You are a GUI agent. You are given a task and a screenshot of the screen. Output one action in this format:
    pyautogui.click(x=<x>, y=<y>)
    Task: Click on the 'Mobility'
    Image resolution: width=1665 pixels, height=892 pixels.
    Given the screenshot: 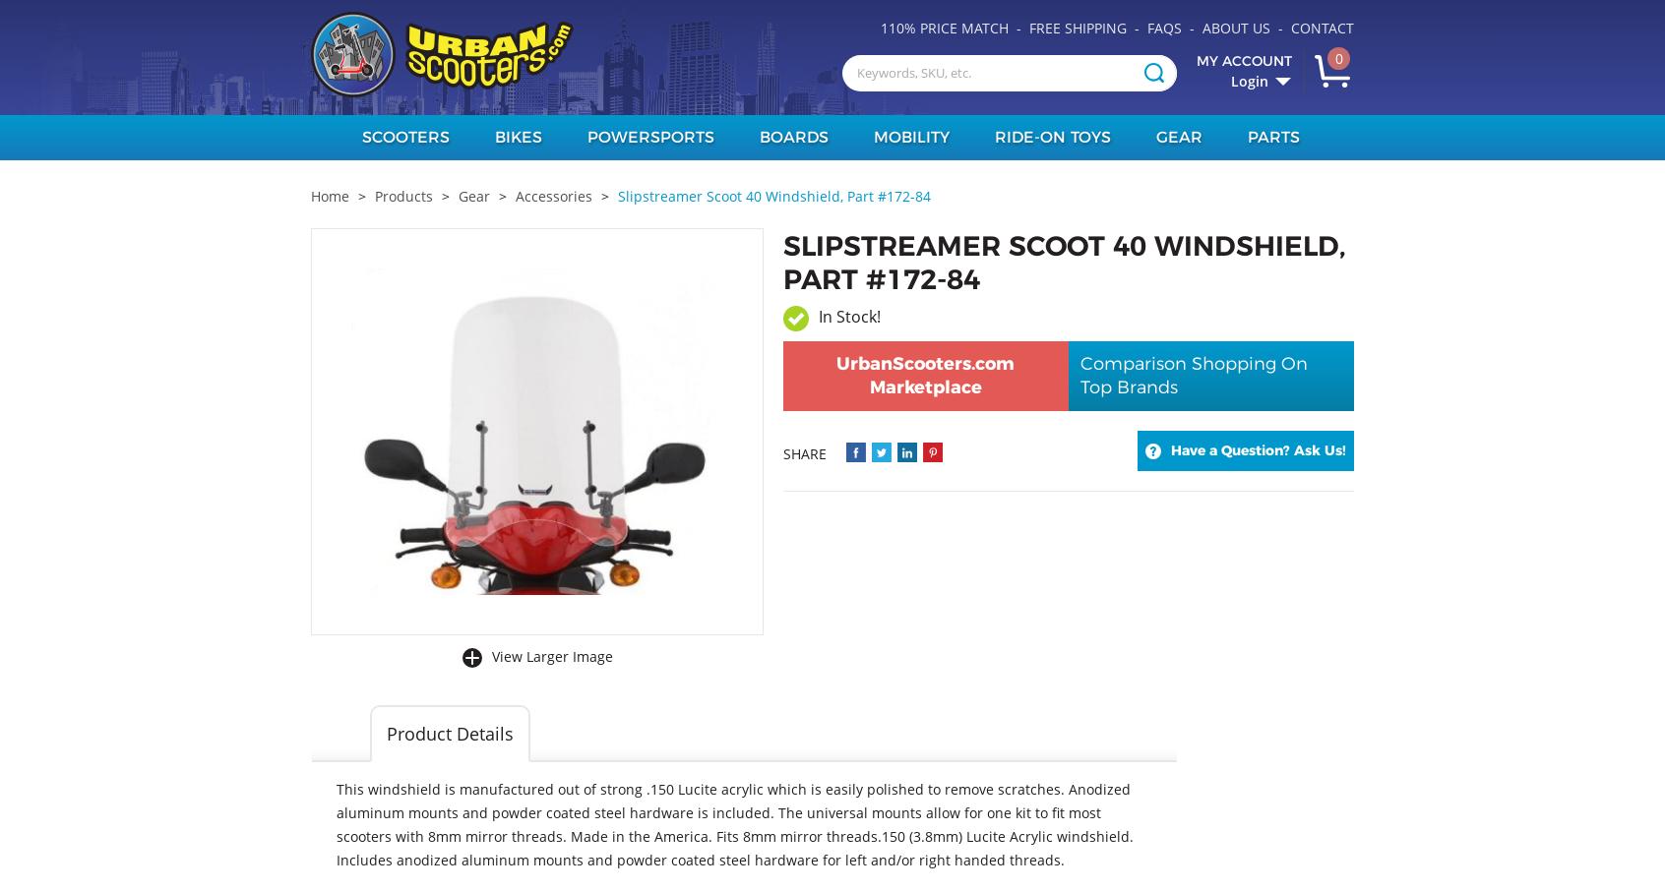 What is the action you would take?
    pyautogui.click(x=910, y=137)
    